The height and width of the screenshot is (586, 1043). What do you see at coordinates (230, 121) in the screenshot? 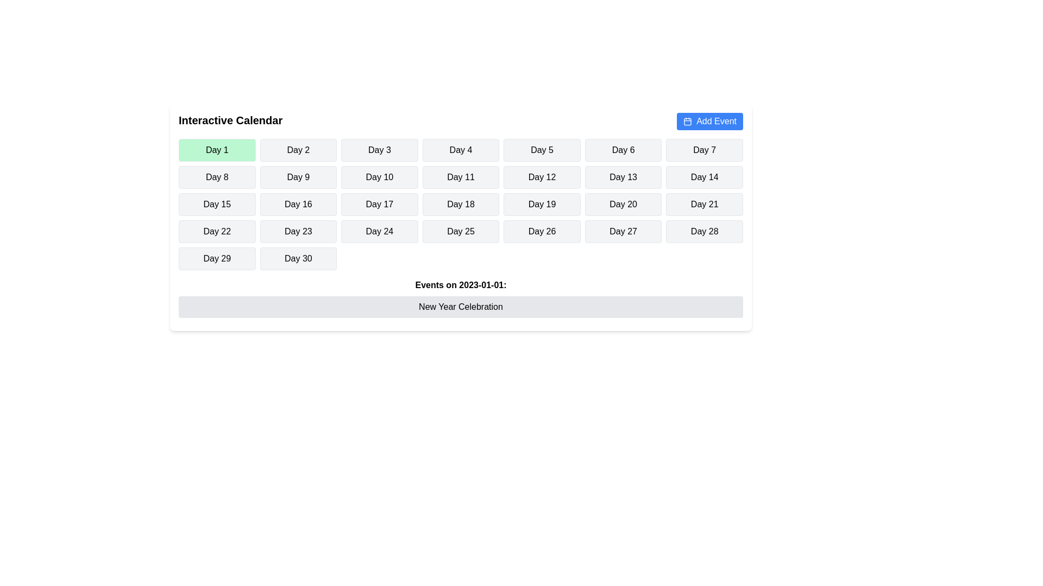
I see `the bold title text label 'Interactive Calendar' located at the top left of the section, which is styled prominently and positioned to the left of the 'Add Event' button` at bounding box center [230, 121].